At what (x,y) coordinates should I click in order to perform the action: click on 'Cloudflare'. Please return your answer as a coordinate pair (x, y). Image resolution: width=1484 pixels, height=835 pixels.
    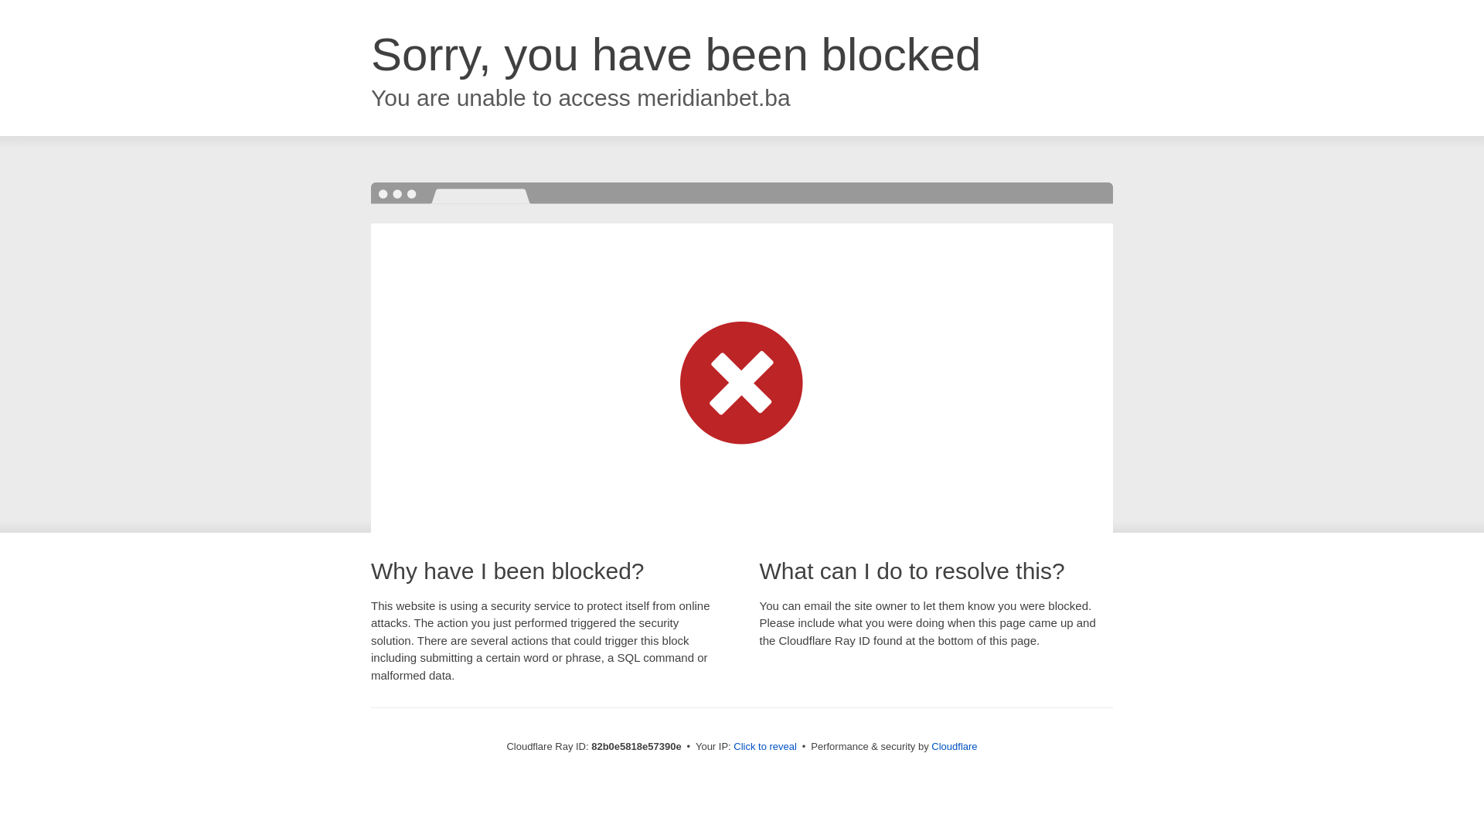
    Looking at the image, I should click on (930, 745).